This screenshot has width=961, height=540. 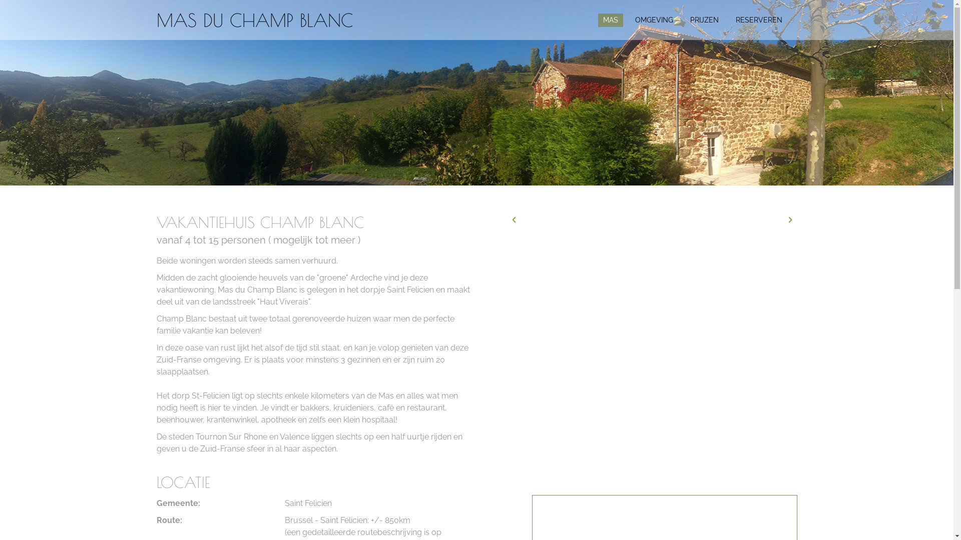 What do you see at coordinates (759, 20) in the screenshot?
I see `'RESERVEREN'` at bounding box center [759, 20].